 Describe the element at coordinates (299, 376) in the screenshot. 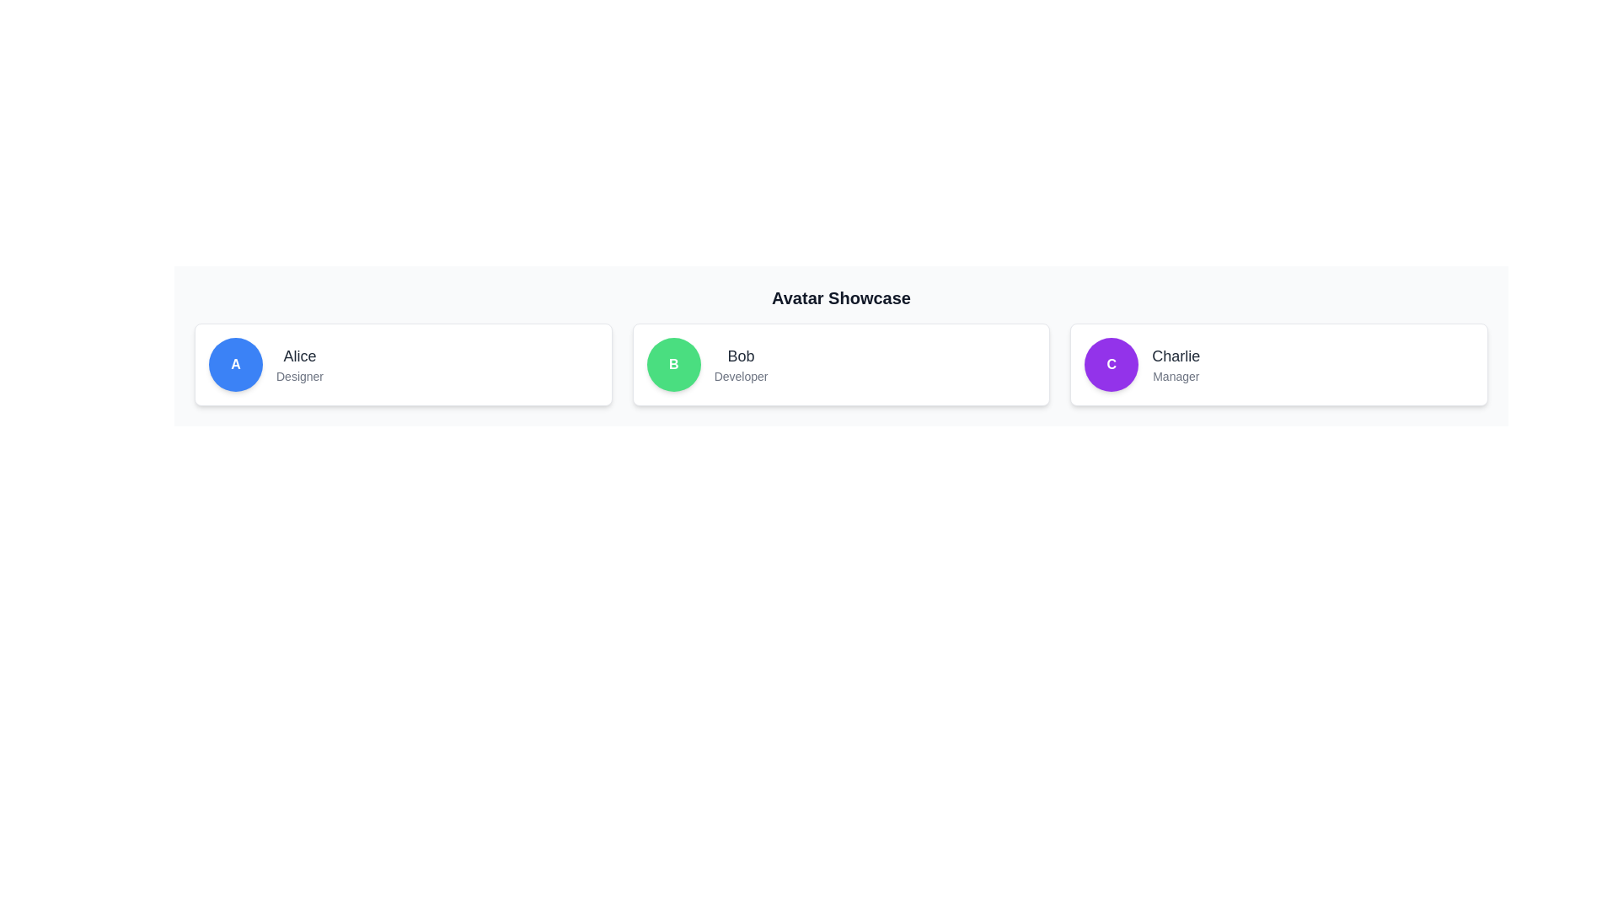

I see `the text label displaying 'Designer' located under the name label 'Alice' in the card for 'Alice'` at that location.